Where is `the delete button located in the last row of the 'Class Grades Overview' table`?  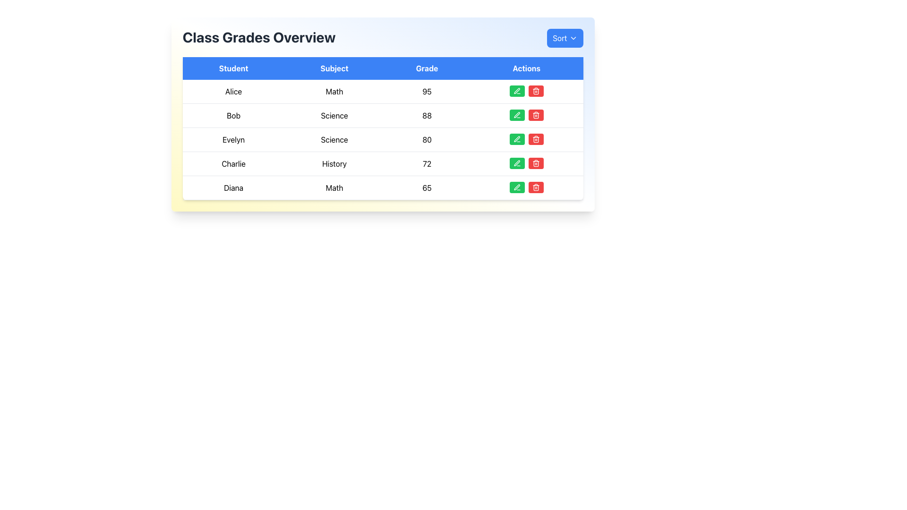
the delete button located in the last row of the 'Class Grades Overview' table is located at coordinates (535, 187).